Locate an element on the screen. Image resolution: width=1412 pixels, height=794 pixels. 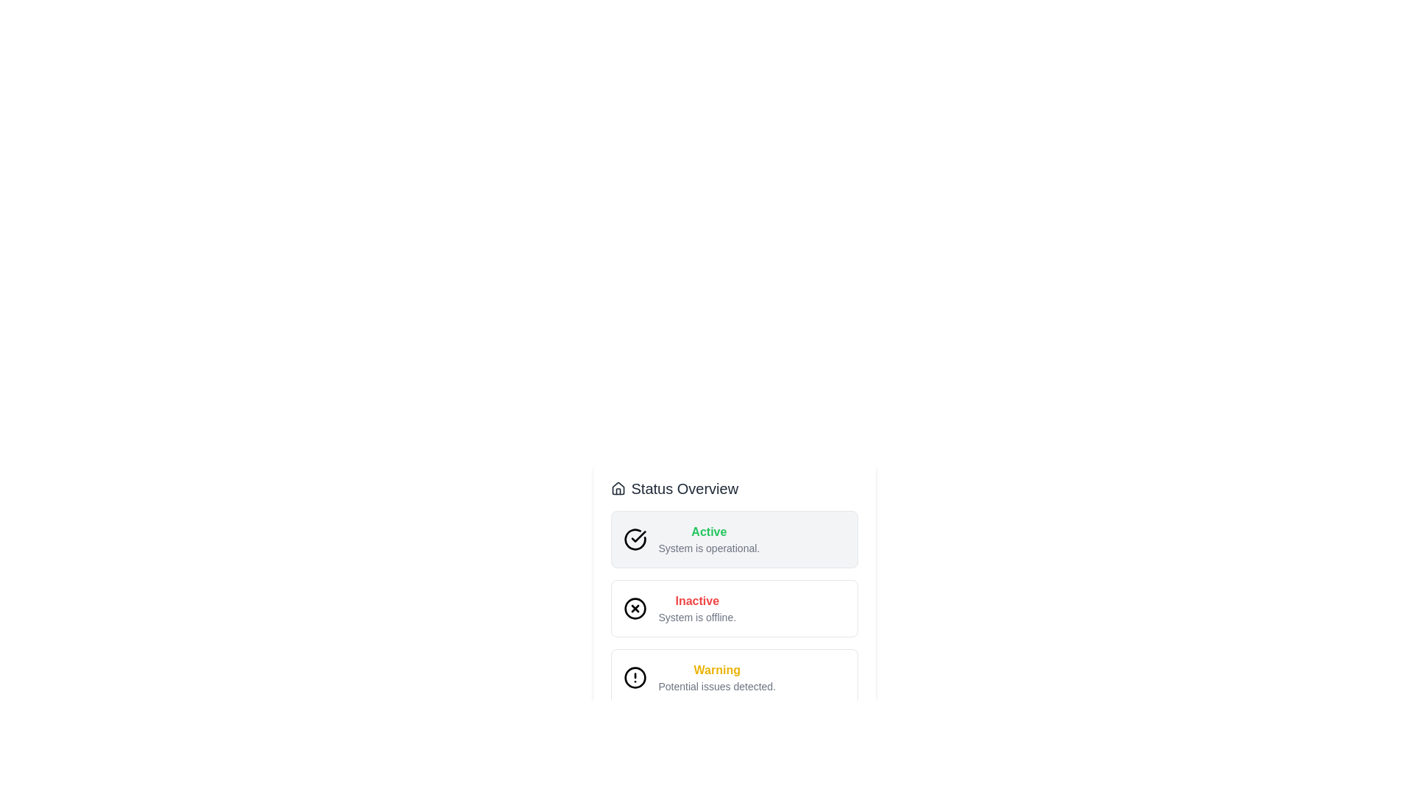
the checkmark icon enclosed within a circle, positioned to the far left of the card-like panel adjacent to the label 'Active' is located at coordinates (635, 539).